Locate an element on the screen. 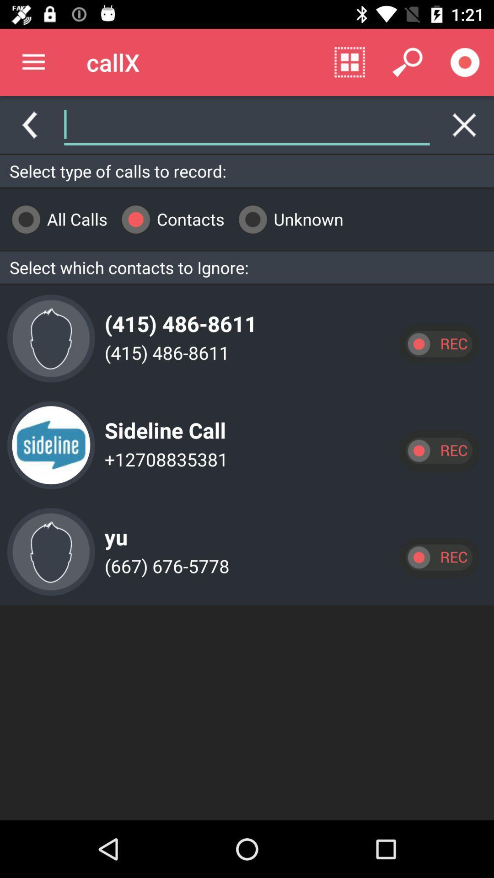  the sideline call app is located at coordinates (162, 423).